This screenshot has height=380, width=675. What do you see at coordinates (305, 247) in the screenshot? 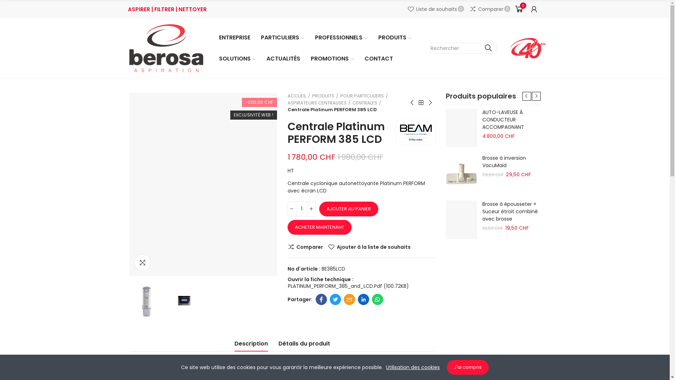
I see `'Comparer'` at bounding box center [305, 247].